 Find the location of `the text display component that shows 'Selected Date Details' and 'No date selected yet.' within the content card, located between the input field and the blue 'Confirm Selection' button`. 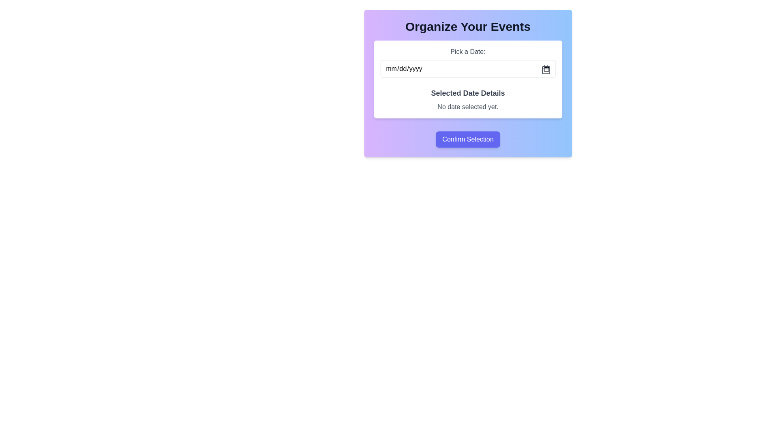

the text display component that shows 'Selected Date Details' and 'No date selected yet.' within the content card, located between the input field and the blue 'Confirm Selection' button is located at coordinates (468, 99).